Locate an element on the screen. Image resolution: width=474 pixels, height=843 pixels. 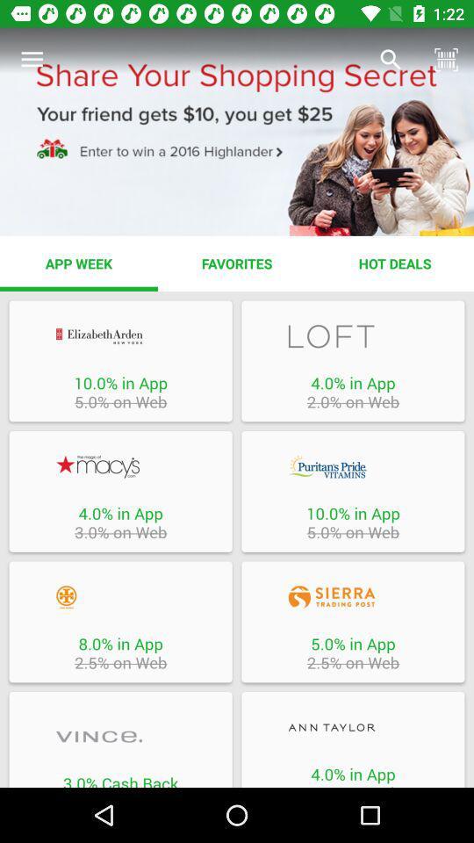
website is located at coordinates (119, 465).